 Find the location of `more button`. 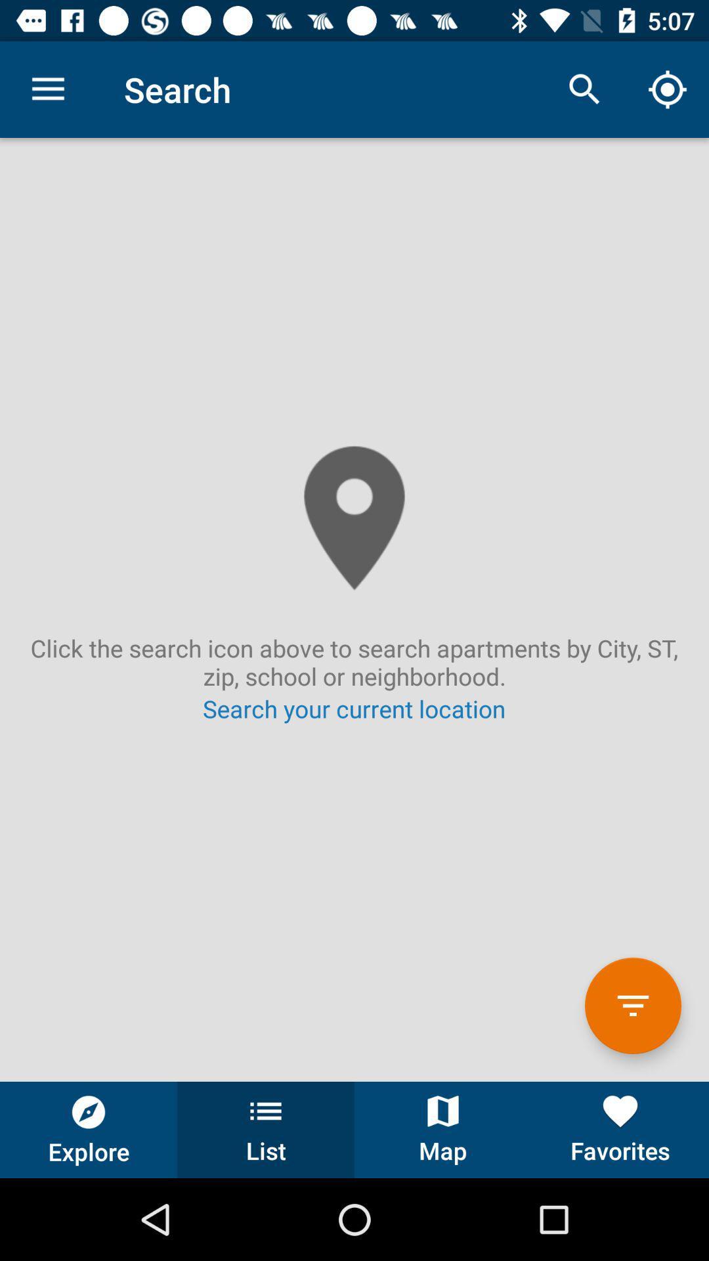

more button is located at coordinates (632, 1005).